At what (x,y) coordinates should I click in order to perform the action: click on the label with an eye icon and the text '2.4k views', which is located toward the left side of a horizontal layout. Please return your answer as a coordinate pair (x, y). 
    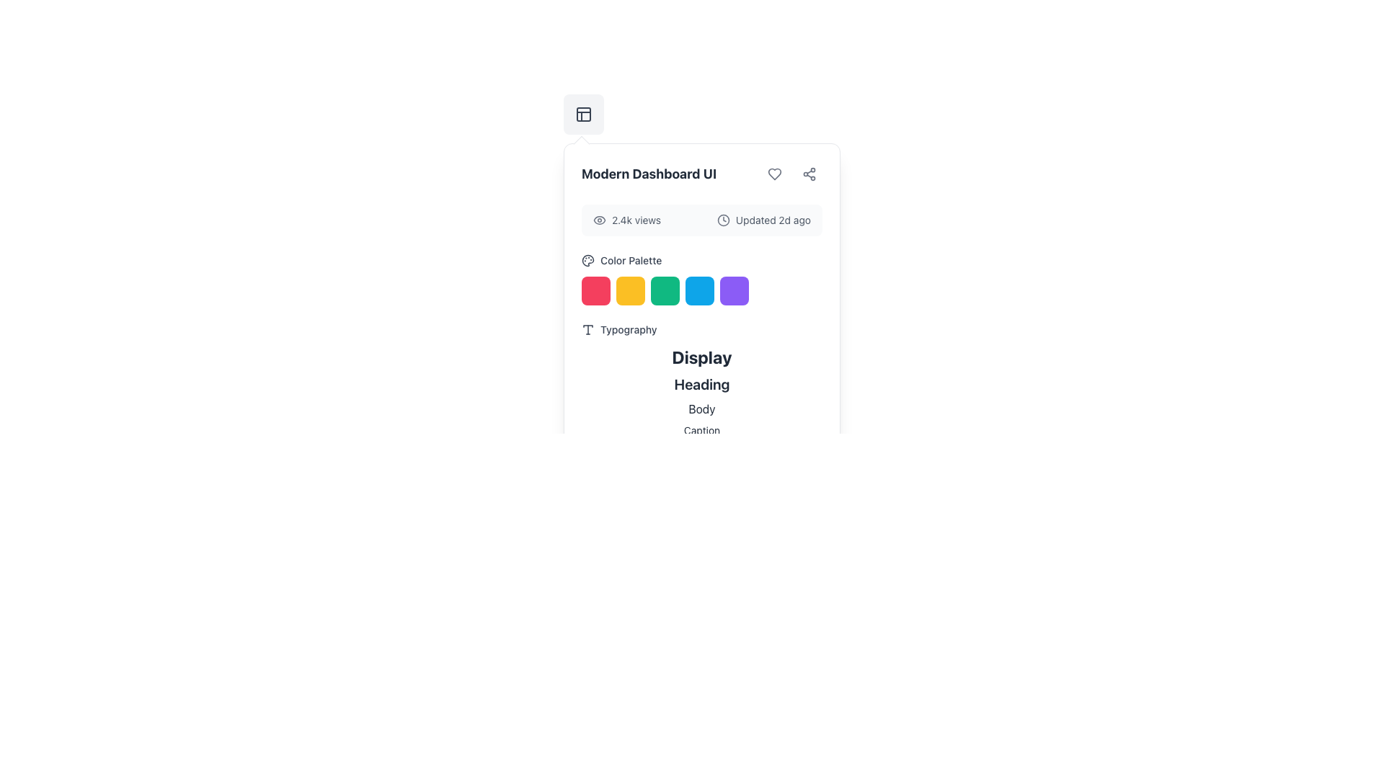
    Looking at the image, I should click on (626, 220).